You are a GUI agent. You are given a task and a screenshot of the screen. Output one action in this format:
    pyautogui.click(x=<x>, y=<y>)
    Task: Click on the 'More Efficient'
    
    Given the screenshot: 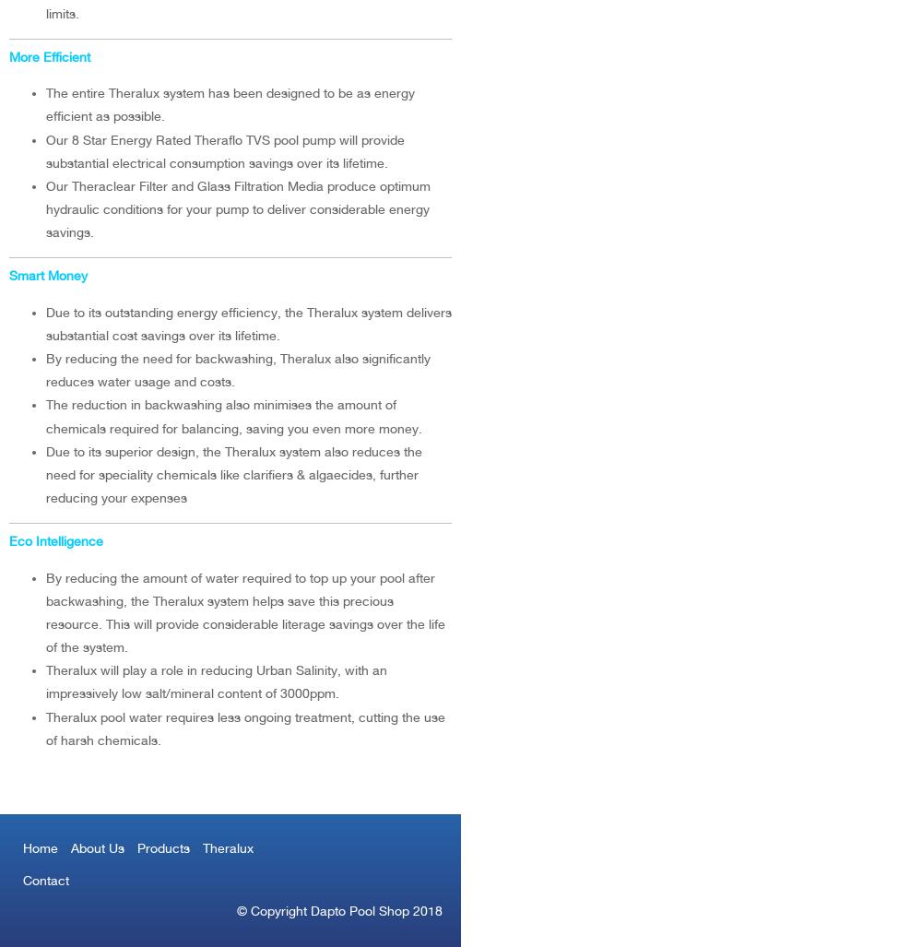 What is the action you would take?
    pyautogui.click(x=9, y=55)
    